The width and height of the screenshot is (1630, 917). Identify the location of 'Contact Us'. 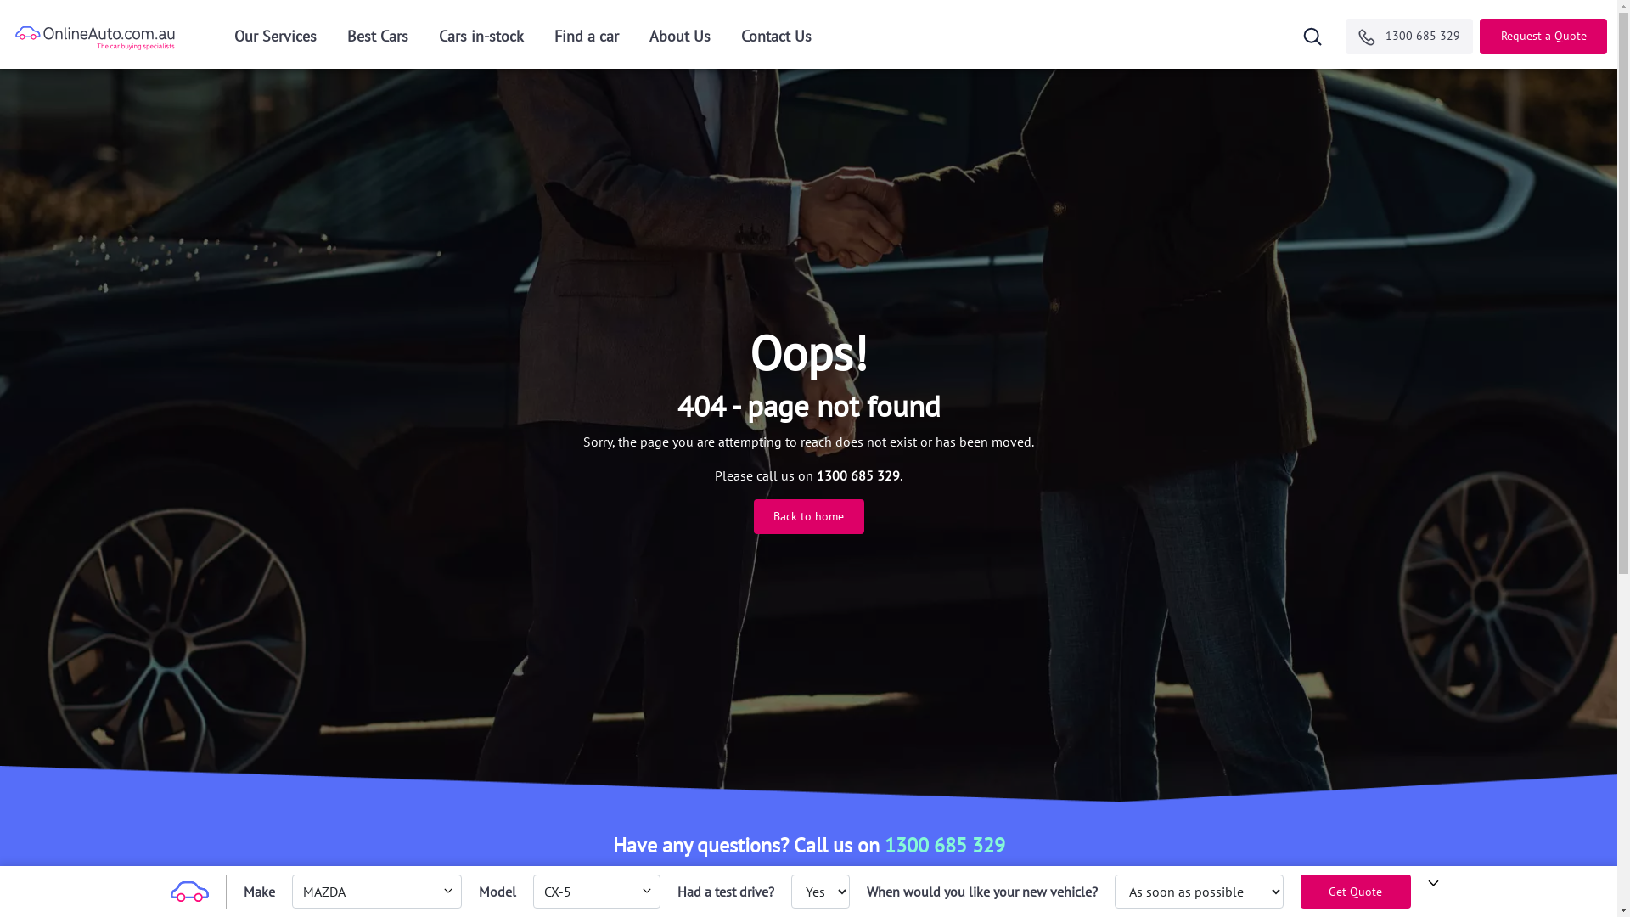
(775, 39).